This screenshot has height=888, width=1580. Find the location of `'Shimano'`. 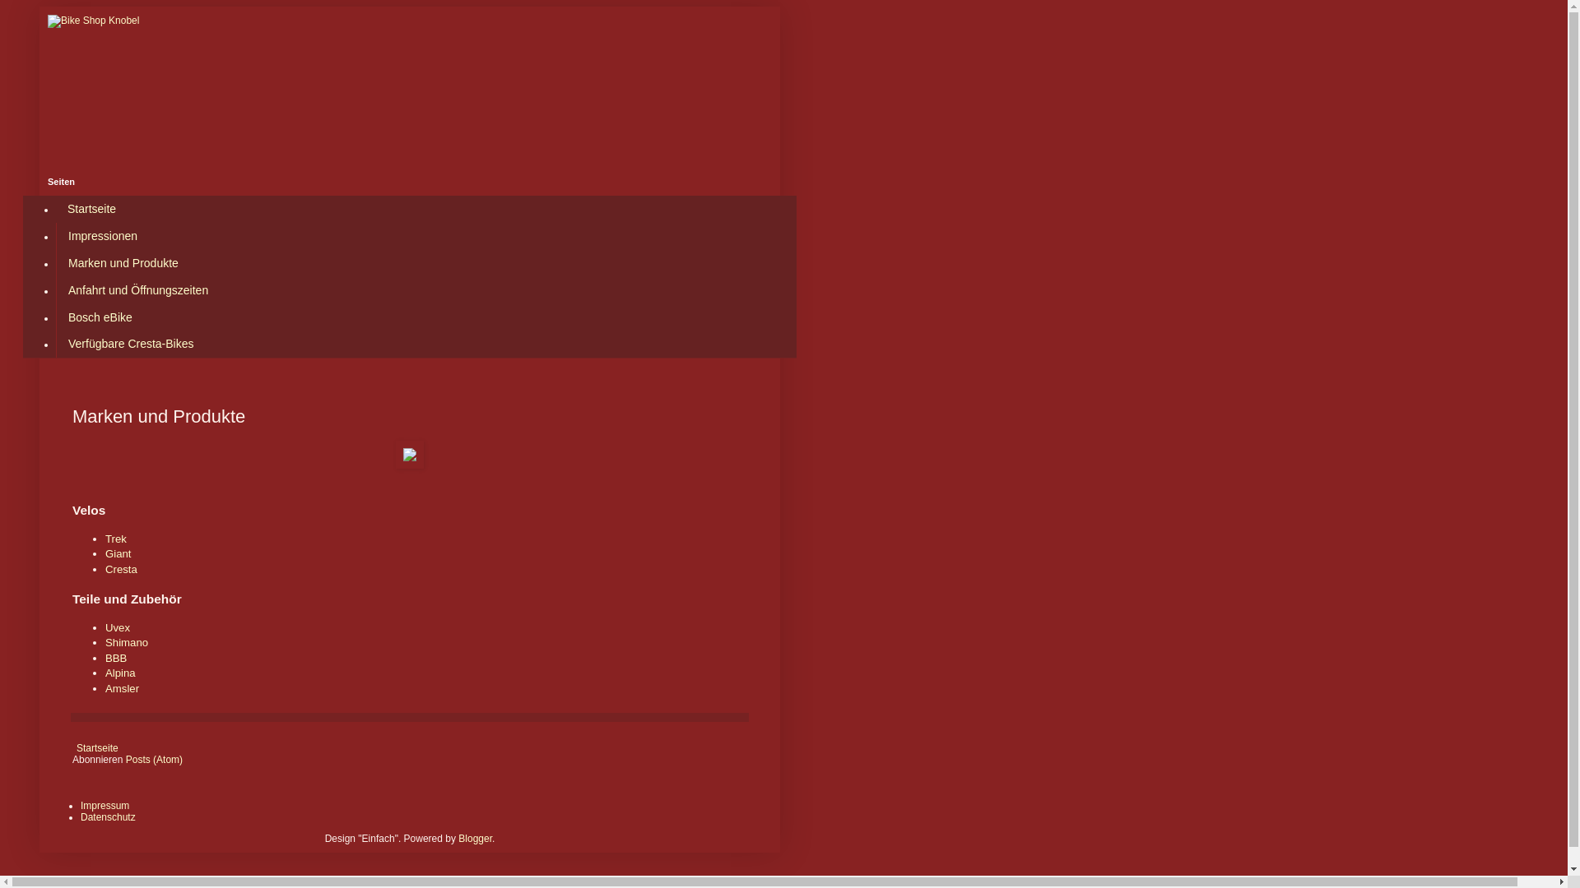

'Shimano' is located at coordinates (125, 641).